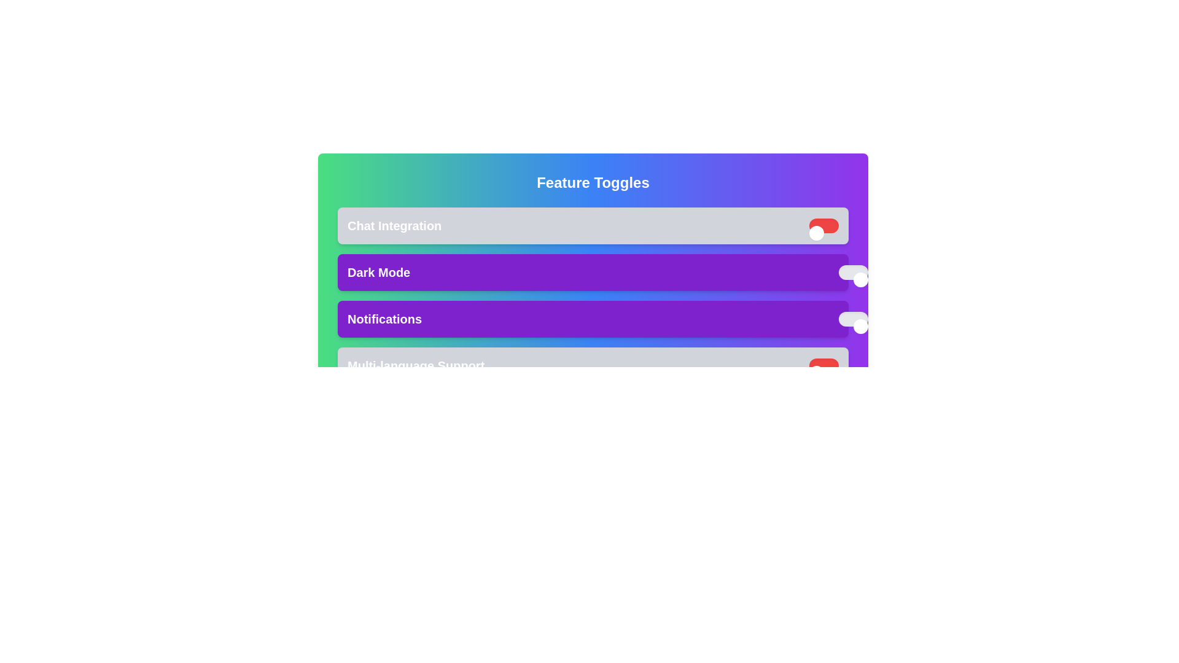 This screenshot has width=1179, height=663. Describe the element at coordinates (593, 182) in the screenshot. I see `the 'Feature Toggles' title to access its context` at that location.